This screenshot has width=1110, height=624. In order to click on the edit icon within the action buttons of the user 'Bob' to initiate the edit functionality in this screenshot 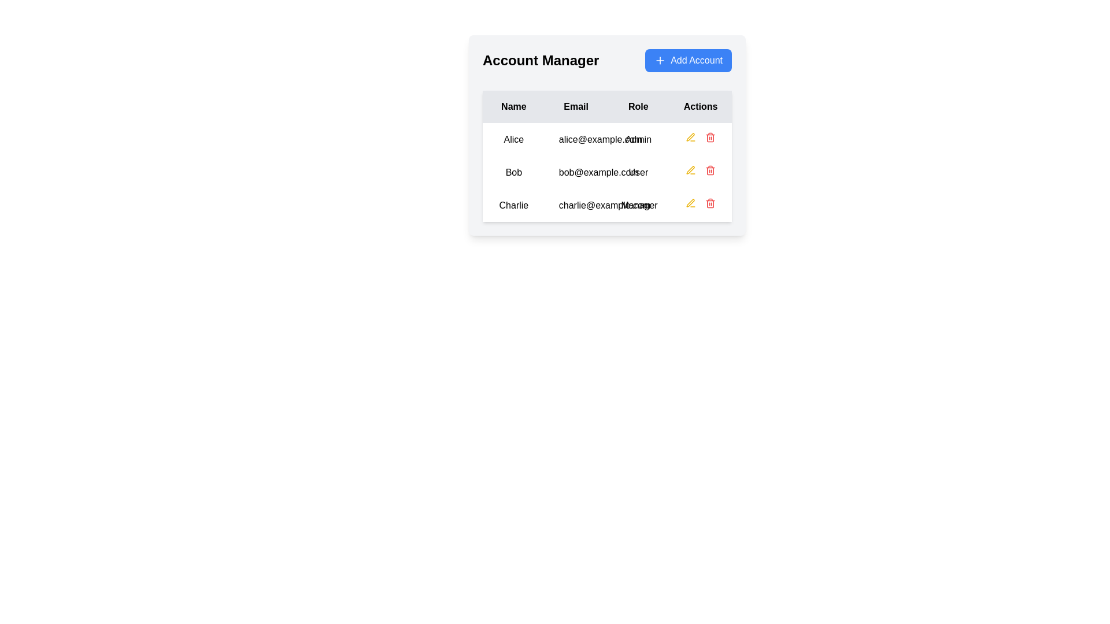, I will do `click(700, 172)`.